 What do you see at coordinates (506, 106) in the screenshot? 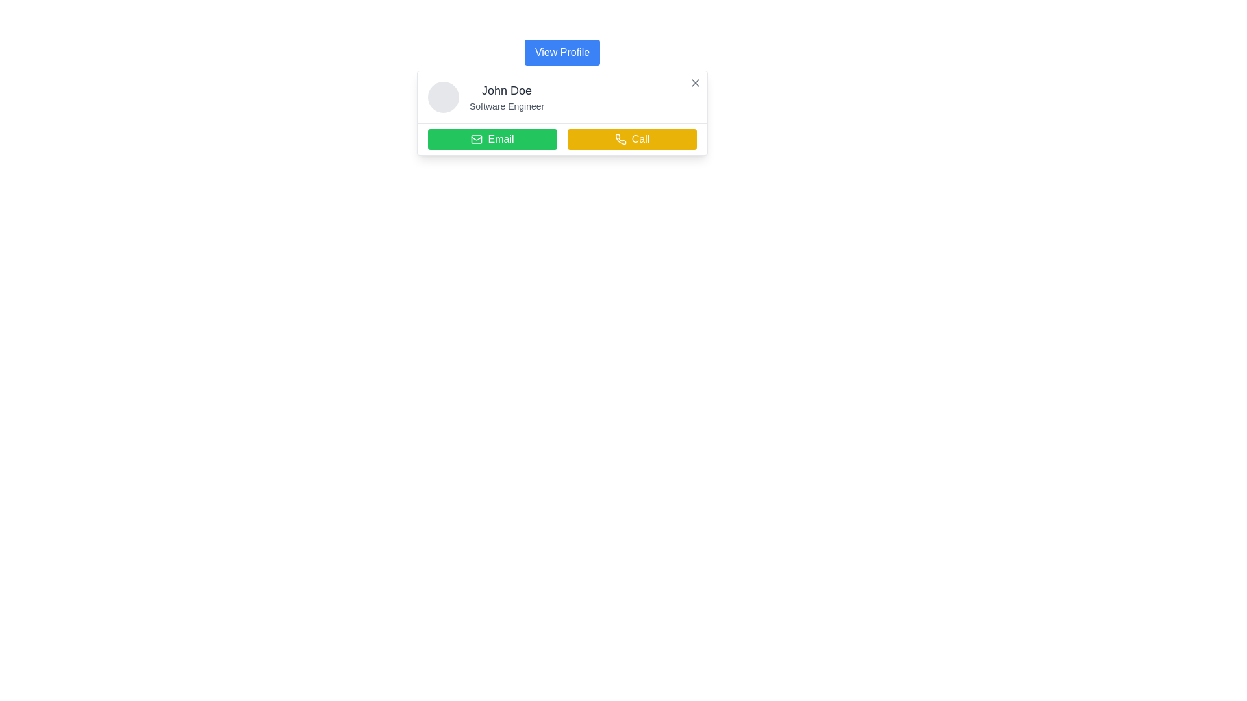
I see `the text label indicating the professional designation of John Doe, which is located below the name and is the second element in the details section` at bounding box center [506, 106].